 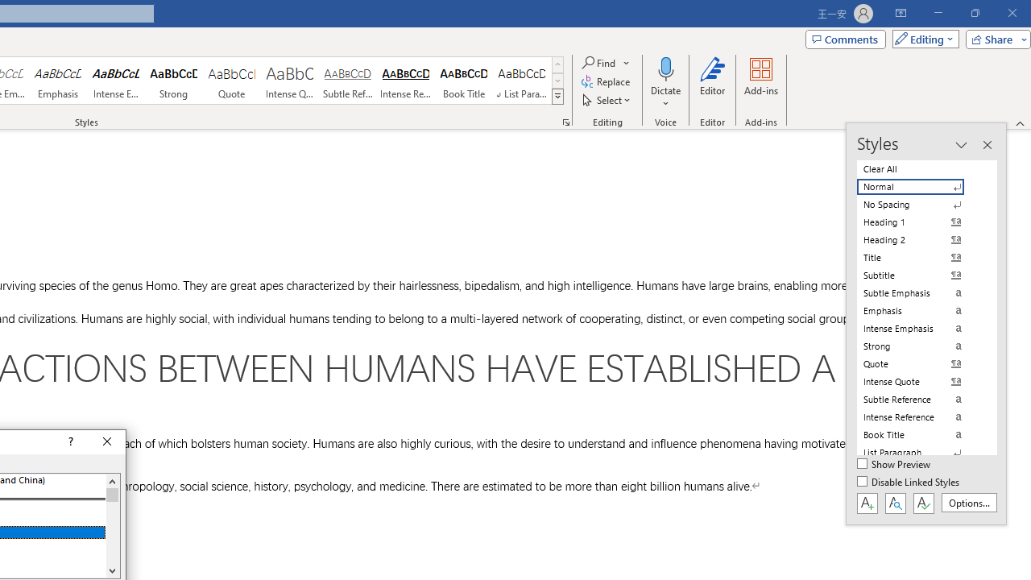 What do you see at coordinates (920, 186) in the screenshot?
I see `'Normal'` at bounding box center [920, 186].